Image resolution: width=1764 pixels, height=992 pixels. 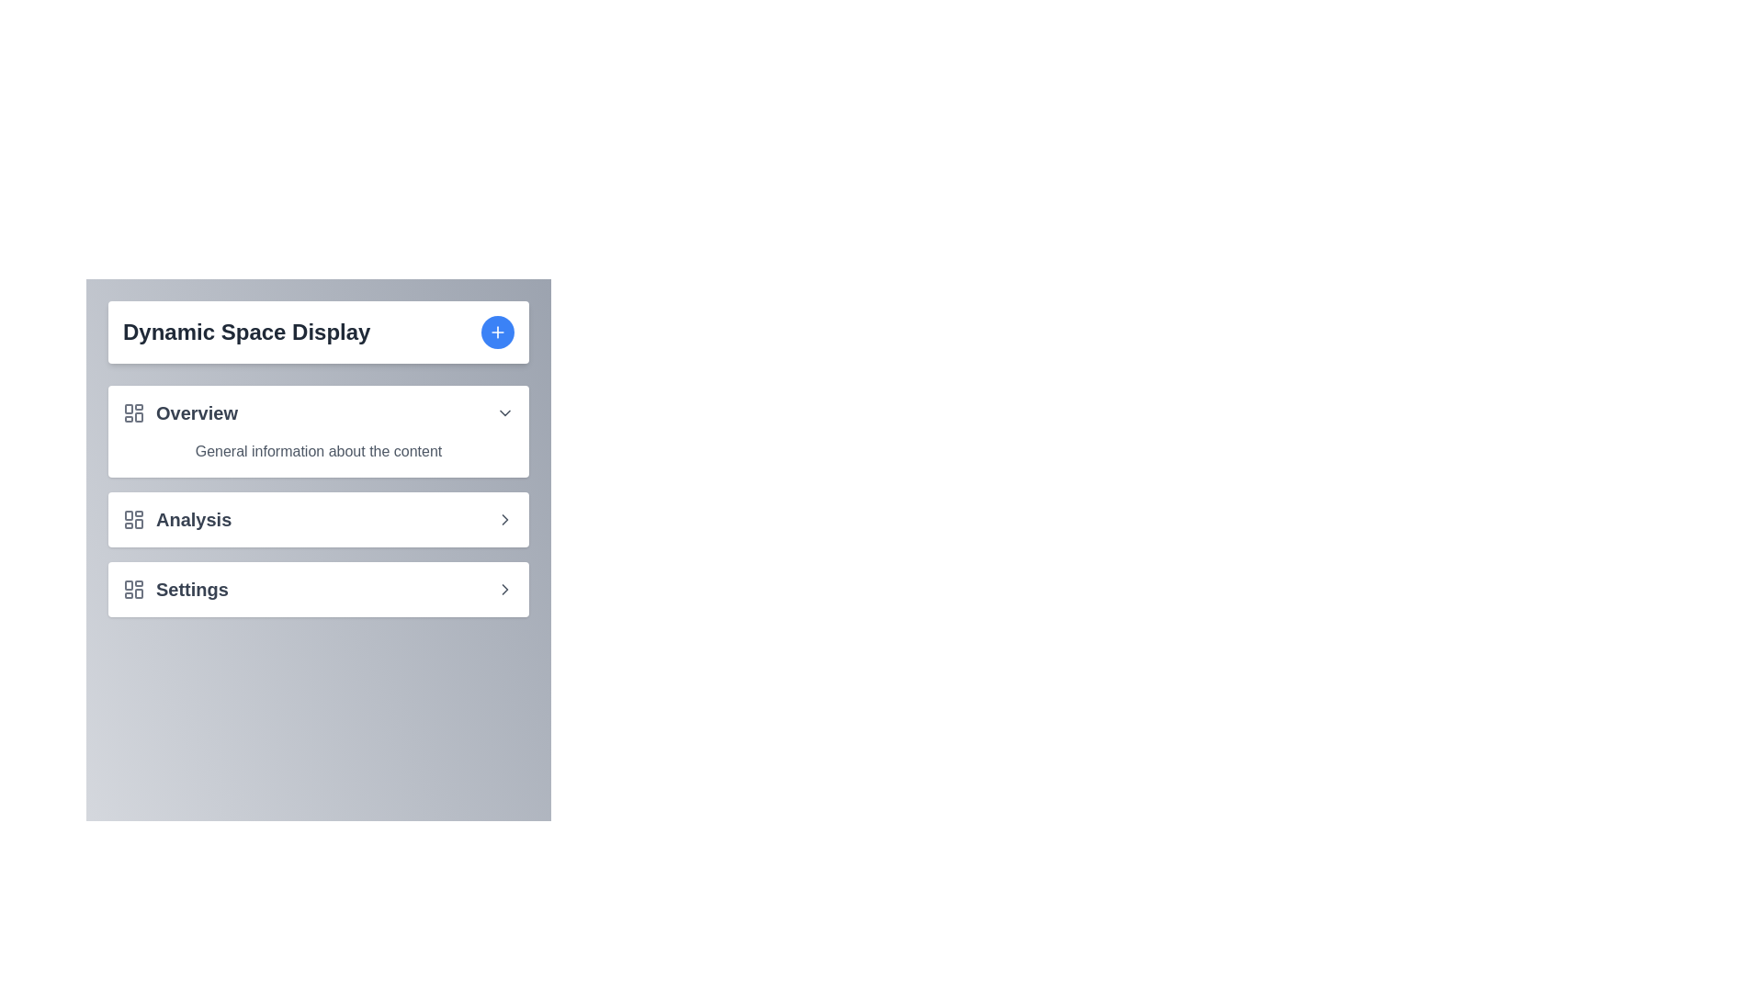 What do you see at coordinates (498, 333) in the screenshot?
I see `the 'add' button with a plus icon located on the right side of the header section titled 'Dynamic Space Display'` at bounding box center [498, 333].